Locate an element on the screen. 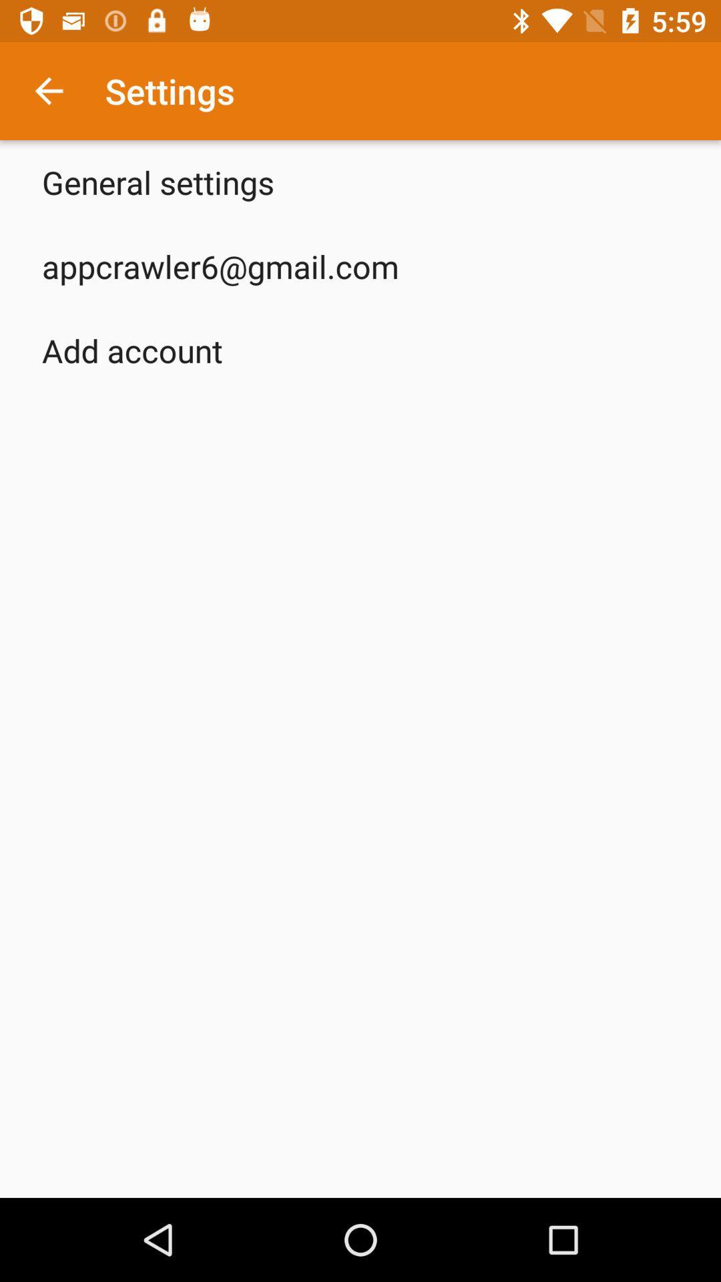 The image size is (721, 1282). app below general settings is located at coordinates (220, 266).